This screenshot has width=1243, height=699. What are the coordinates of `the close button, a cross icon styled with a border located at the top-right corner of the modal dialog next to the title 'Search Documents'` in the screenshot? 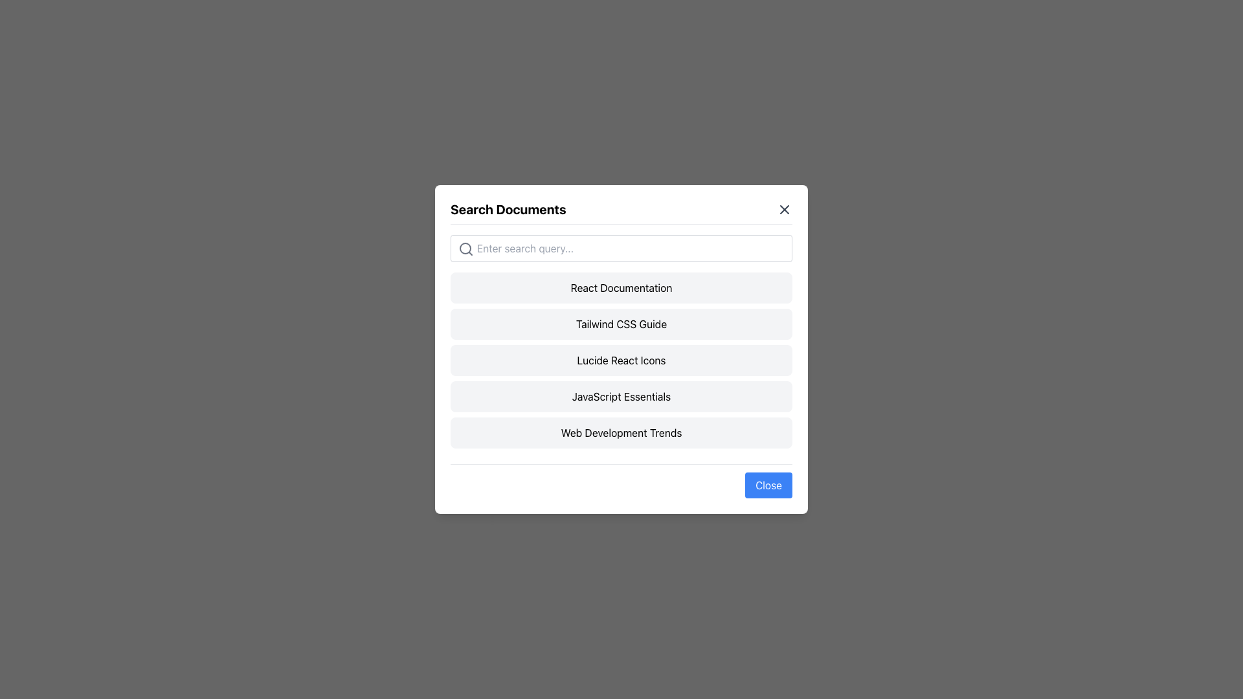 It's located at (783, 209).